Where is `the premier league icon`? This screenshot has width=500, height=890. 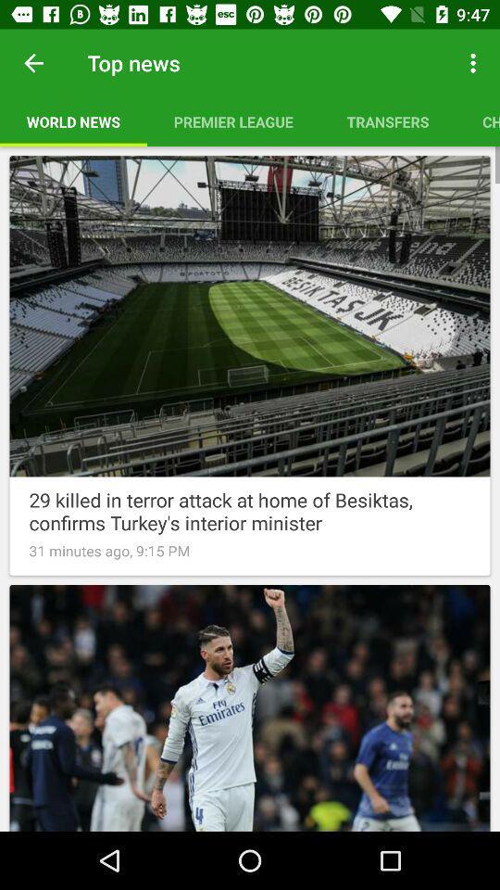 the premier league icon is located at coordinates (233, 121).